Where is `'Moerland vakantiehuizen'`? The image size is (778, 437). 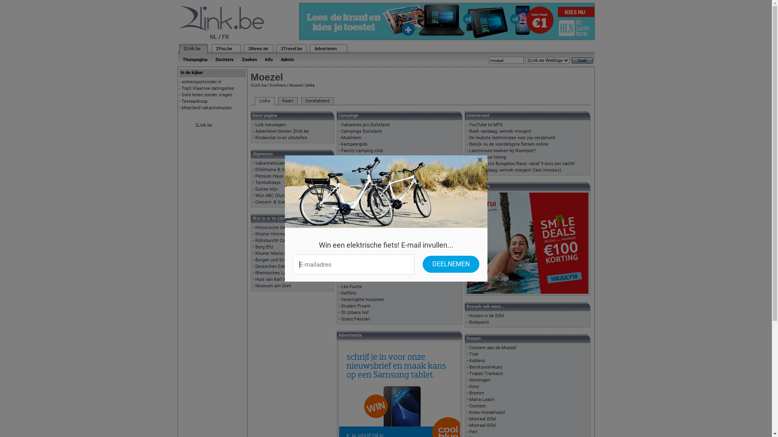 'Moerland vakantiehuizen' is located at coordinates (206, 107).